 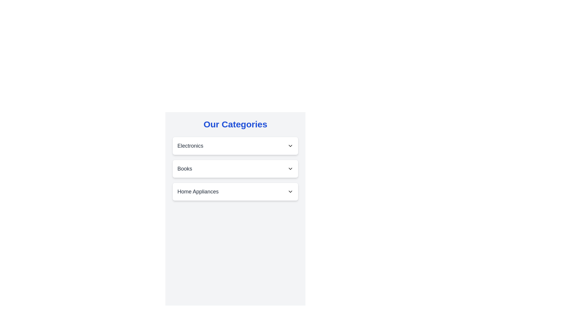 I want to click on text label displaying 'Books' located in the middle dropdown of three vertically aligned dropdowns, so click(x=185, y=168).